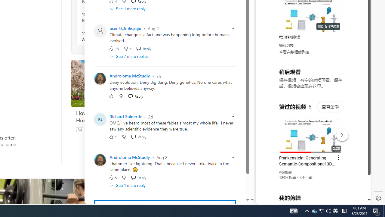 The image size is (385, 217). Describe the element at coordinates (100, 160) in the screenshot. I see `'Profile Picture'` at that location.